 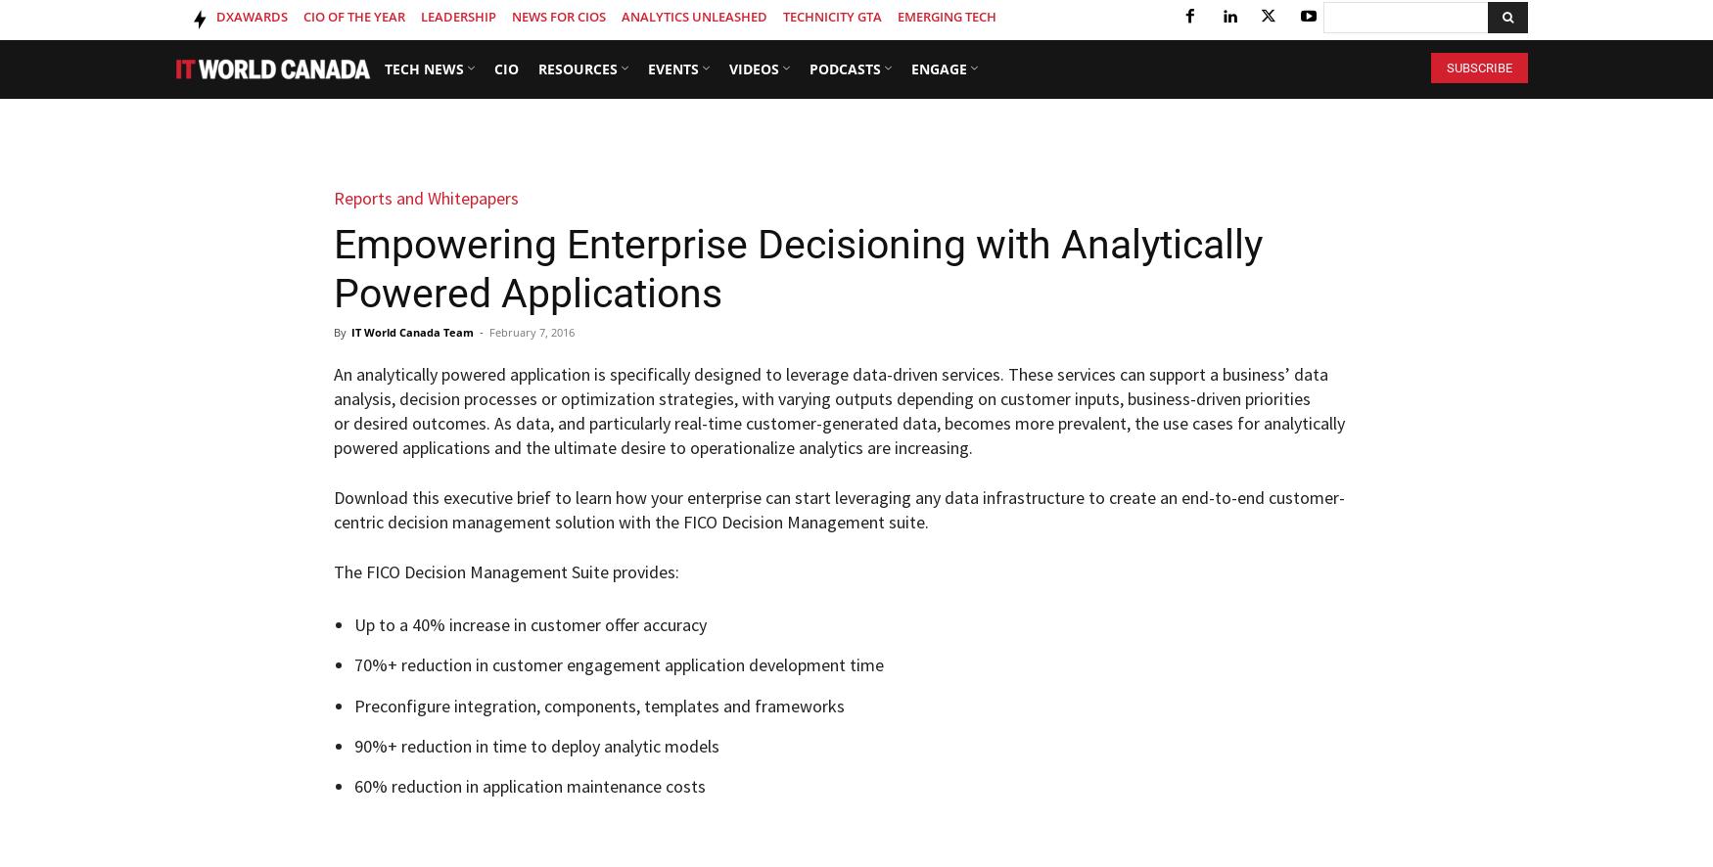 What do you see at coordinates (458, 16) in the screenshot?
I see `'Leadership'` at bounding box center [458, 16].